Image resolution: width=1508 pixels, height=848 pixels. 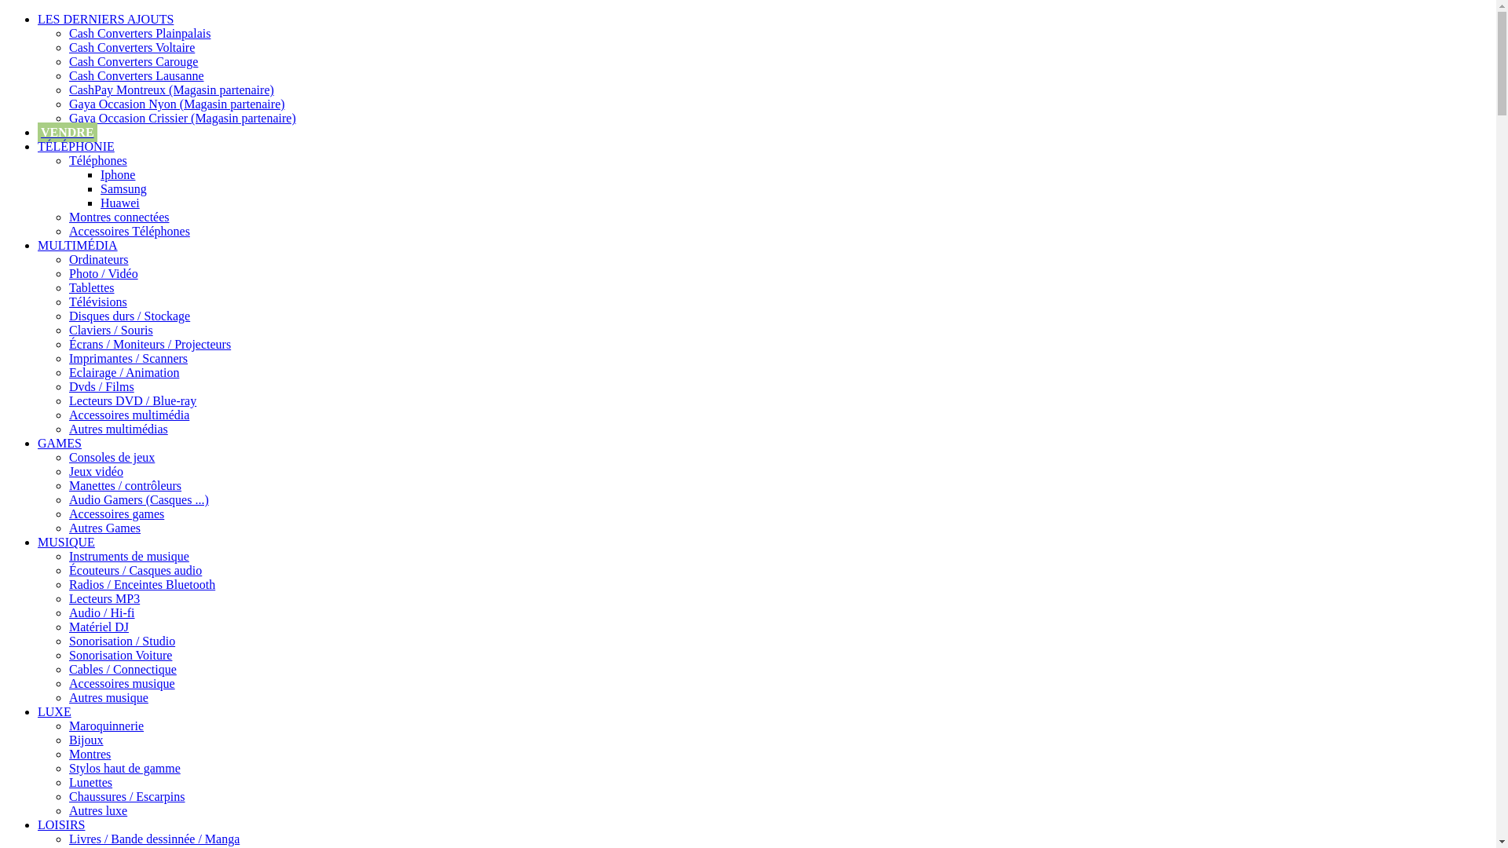 What do you see at coordinates (115, 514) in the screenshot?
I see `'Accessoires games'` at bounding box center [115, 514].